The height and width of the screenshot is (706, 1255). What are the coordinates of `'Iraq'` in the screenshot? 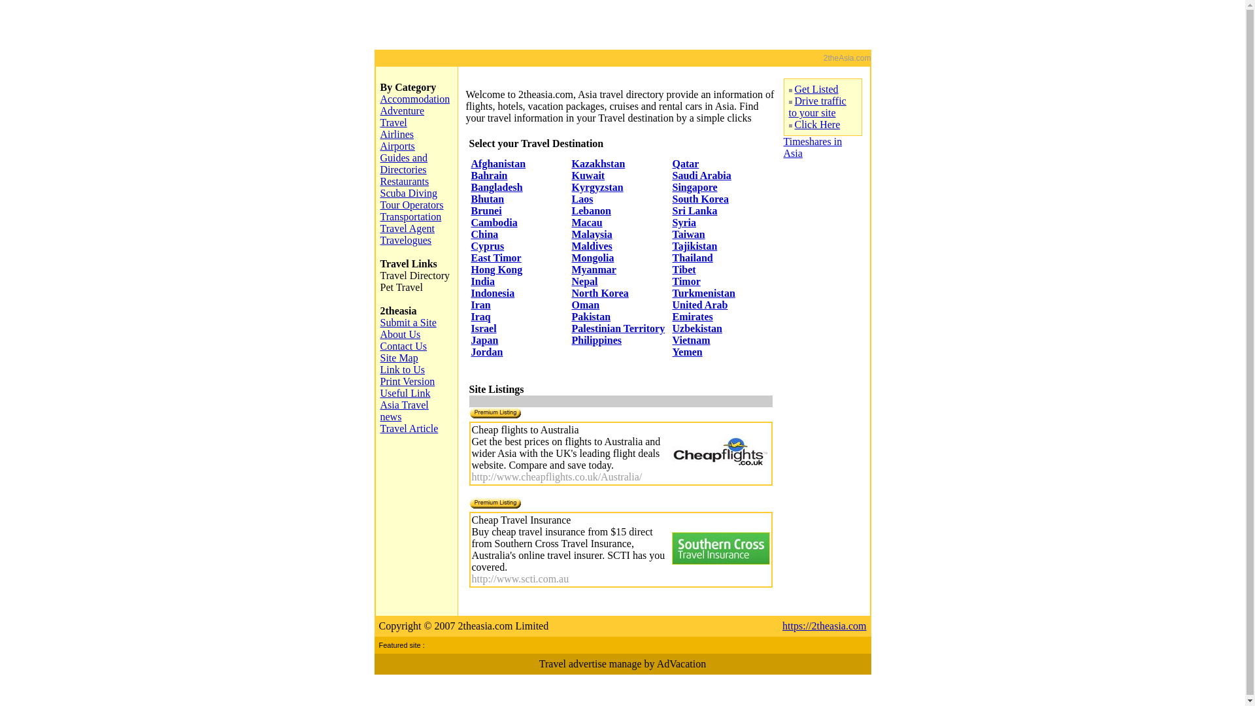 It's located at (479, 316).